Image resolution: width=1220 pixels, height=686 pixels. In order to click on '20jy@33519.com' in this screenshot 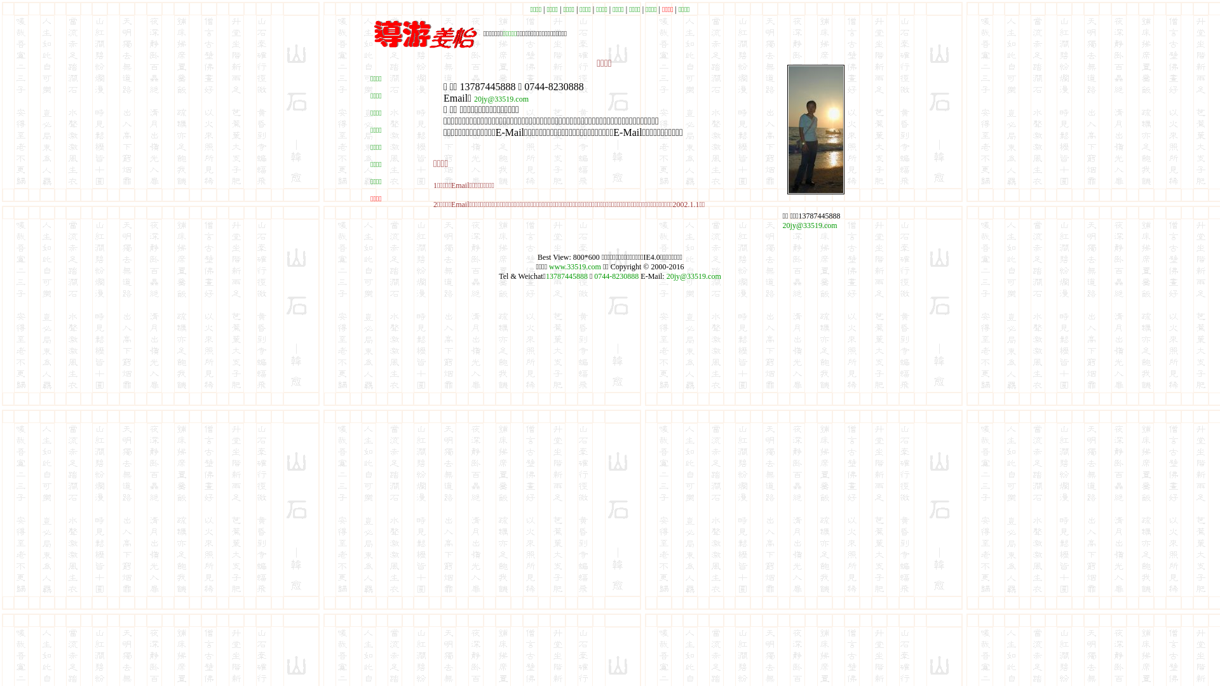, I will do `click(782, 224)`.